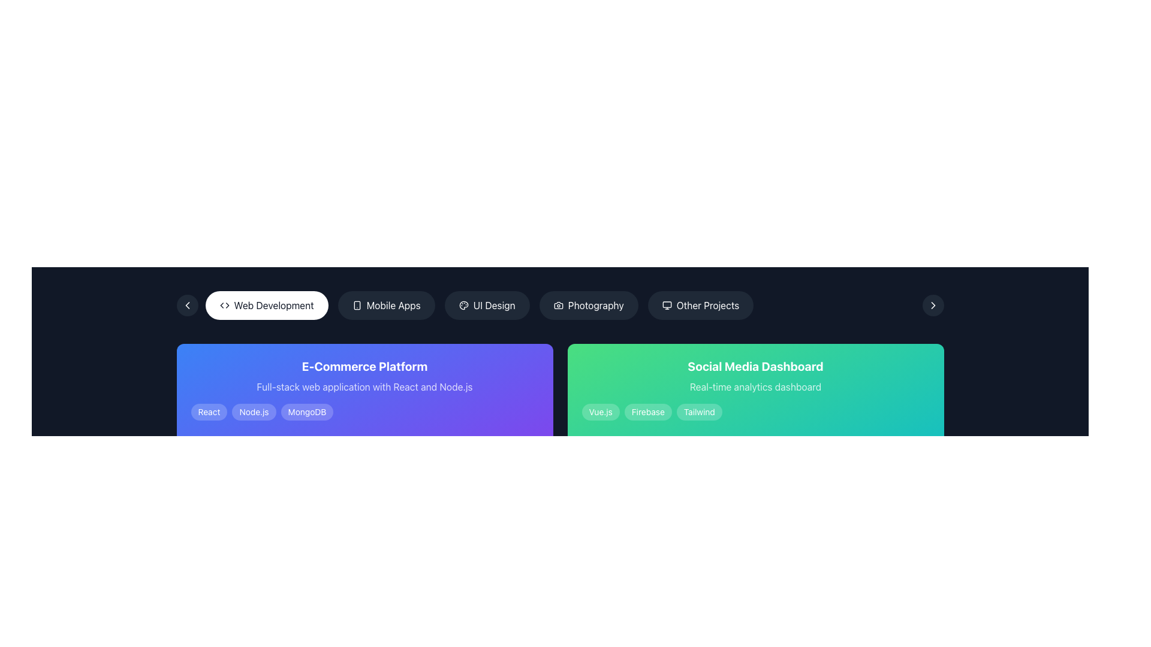  What do you see at coordinates (589, 304) in the screenshot?
I see `the 'Photography' button, which is the fourth button in a horizontal navigation list` at bounding box center [589, 304].